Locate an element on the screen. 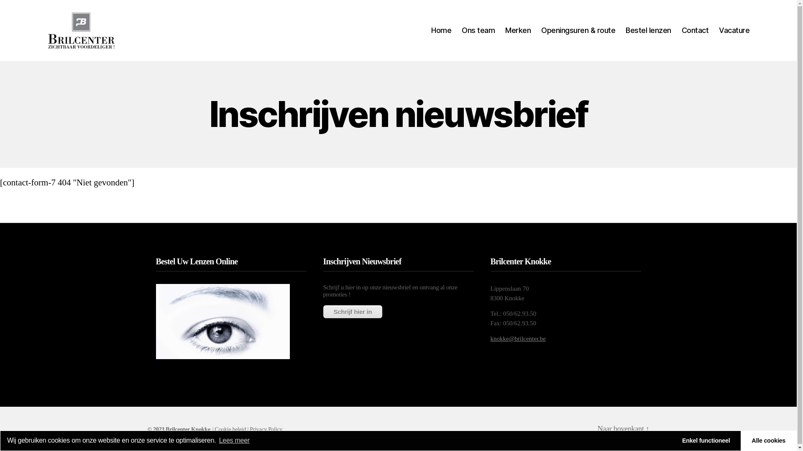 The image size is (803, 451). 'Bestel lenzen' is located at coordinates (648, 30).